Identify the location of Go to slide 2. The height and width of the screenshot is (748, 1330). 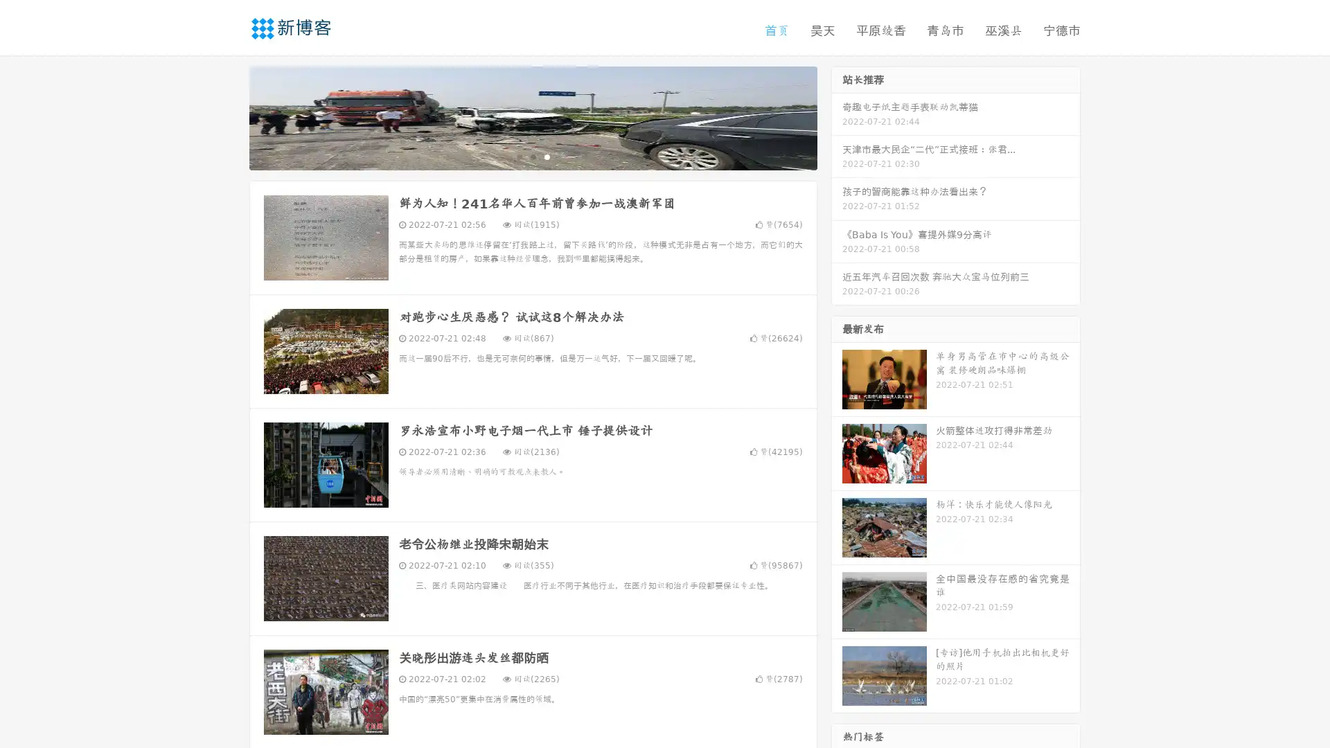
(532, 156).